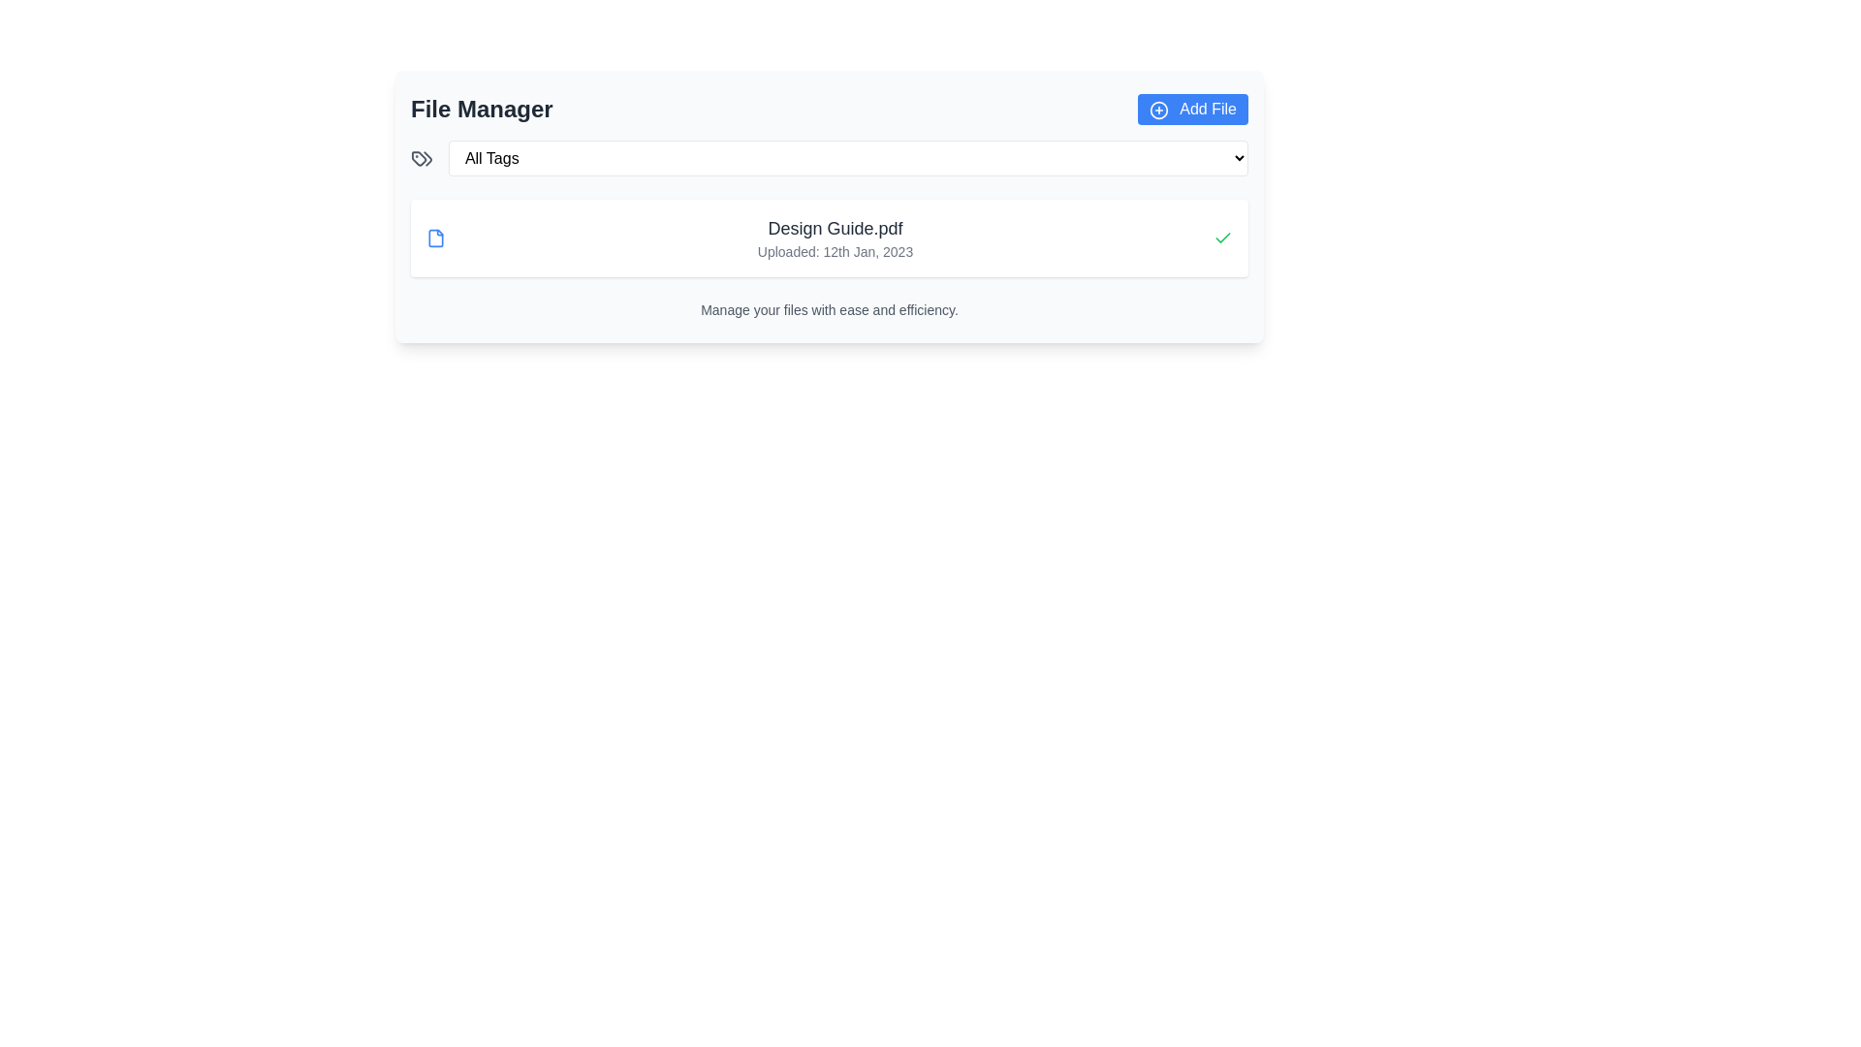  Describe the element at coordinates (829, 309) in the screenshot. I see `the text element that reads 'Manage your files with ease and efficiency.' located at the bottom of the 'File Manager' gray box` at that location.